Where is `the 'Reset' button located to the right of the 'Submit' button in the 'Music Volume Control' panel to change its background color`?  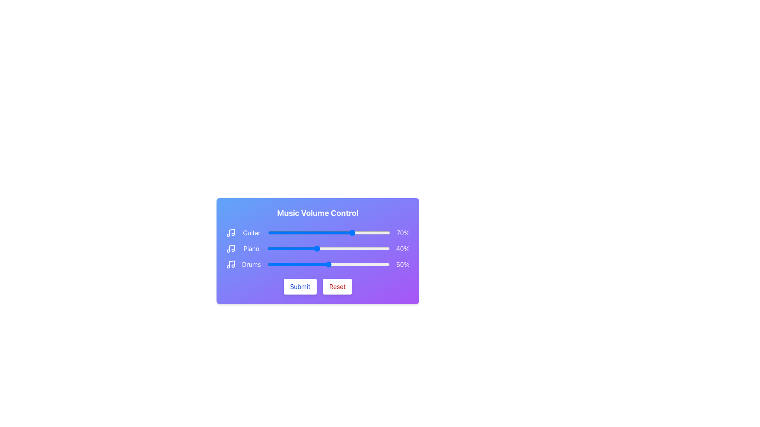 the 'Reset' button located to the right of the 'Submit' button in the 'Music Volume Control' panel to change its background color is located at coordinates (337, 287).